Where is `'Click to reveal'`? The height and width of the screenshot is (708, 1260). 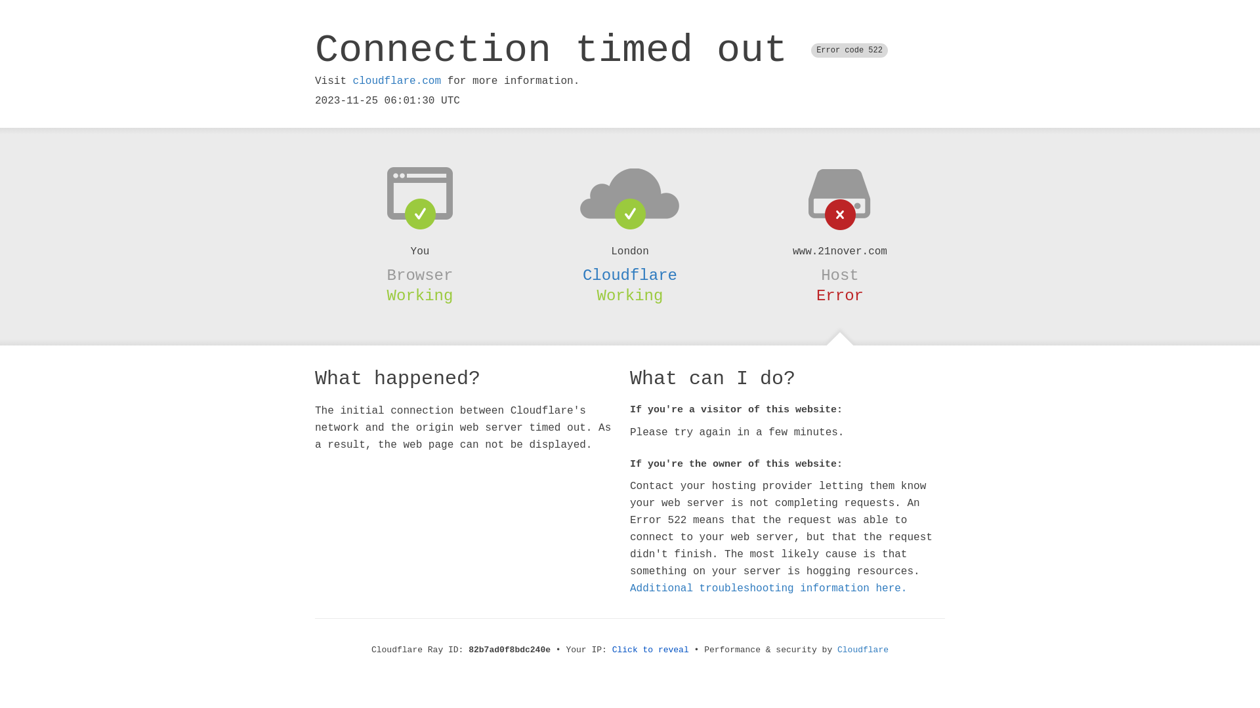
'Click to reveal' is located at coordinates (650, 650).